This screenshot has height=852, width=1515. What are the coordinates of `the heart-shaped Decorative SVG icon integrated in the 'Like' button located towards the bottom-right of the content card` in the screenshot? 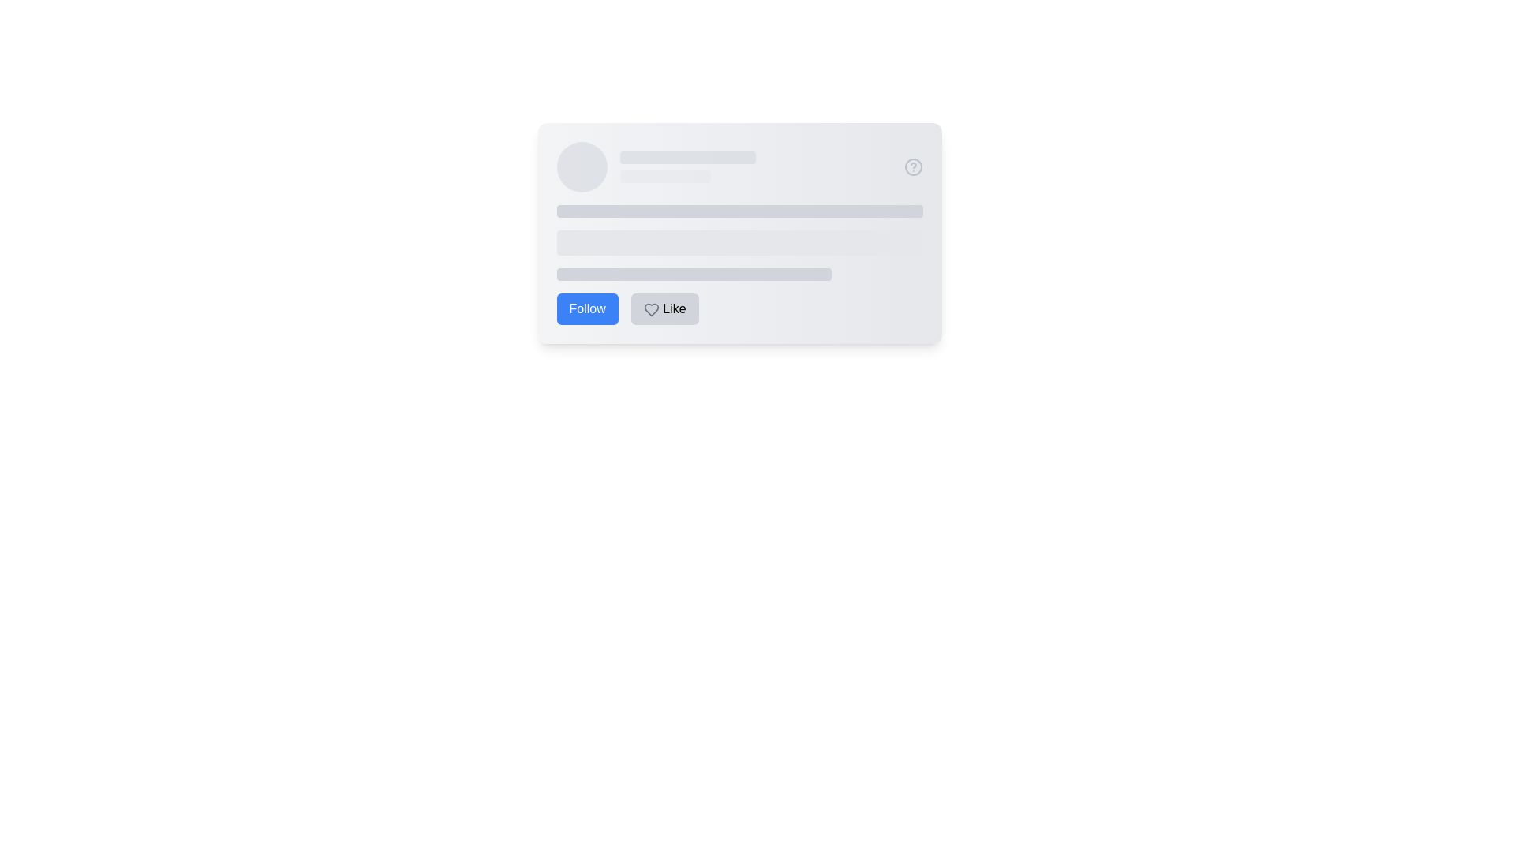 It's located at (651, 309).